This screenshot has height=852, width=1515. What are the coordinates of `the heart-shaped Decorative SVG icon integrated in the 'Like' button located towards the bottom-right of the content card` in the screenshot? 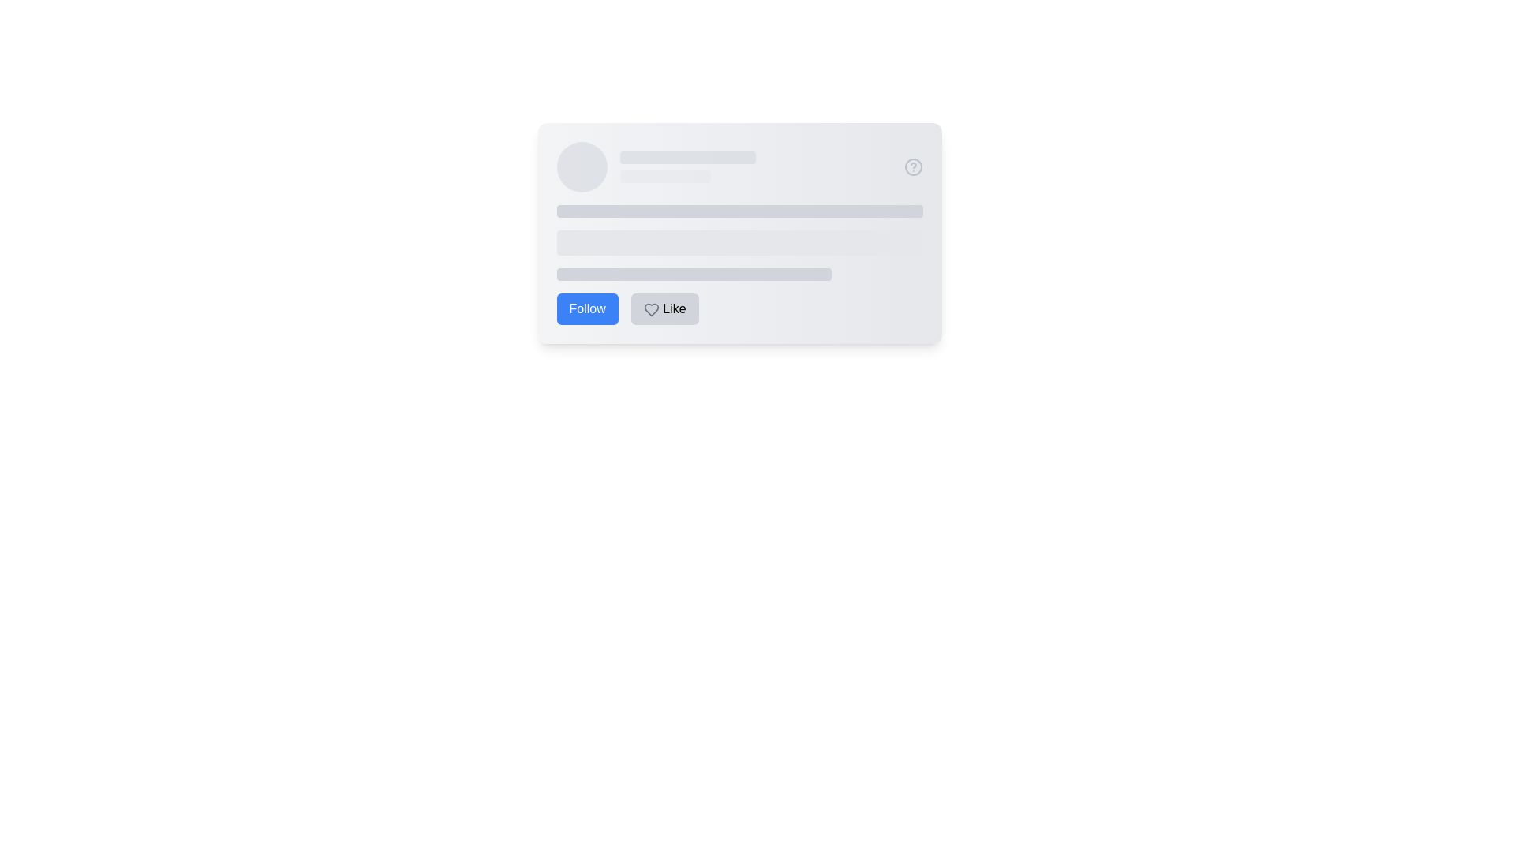 It's located at (651, 309).